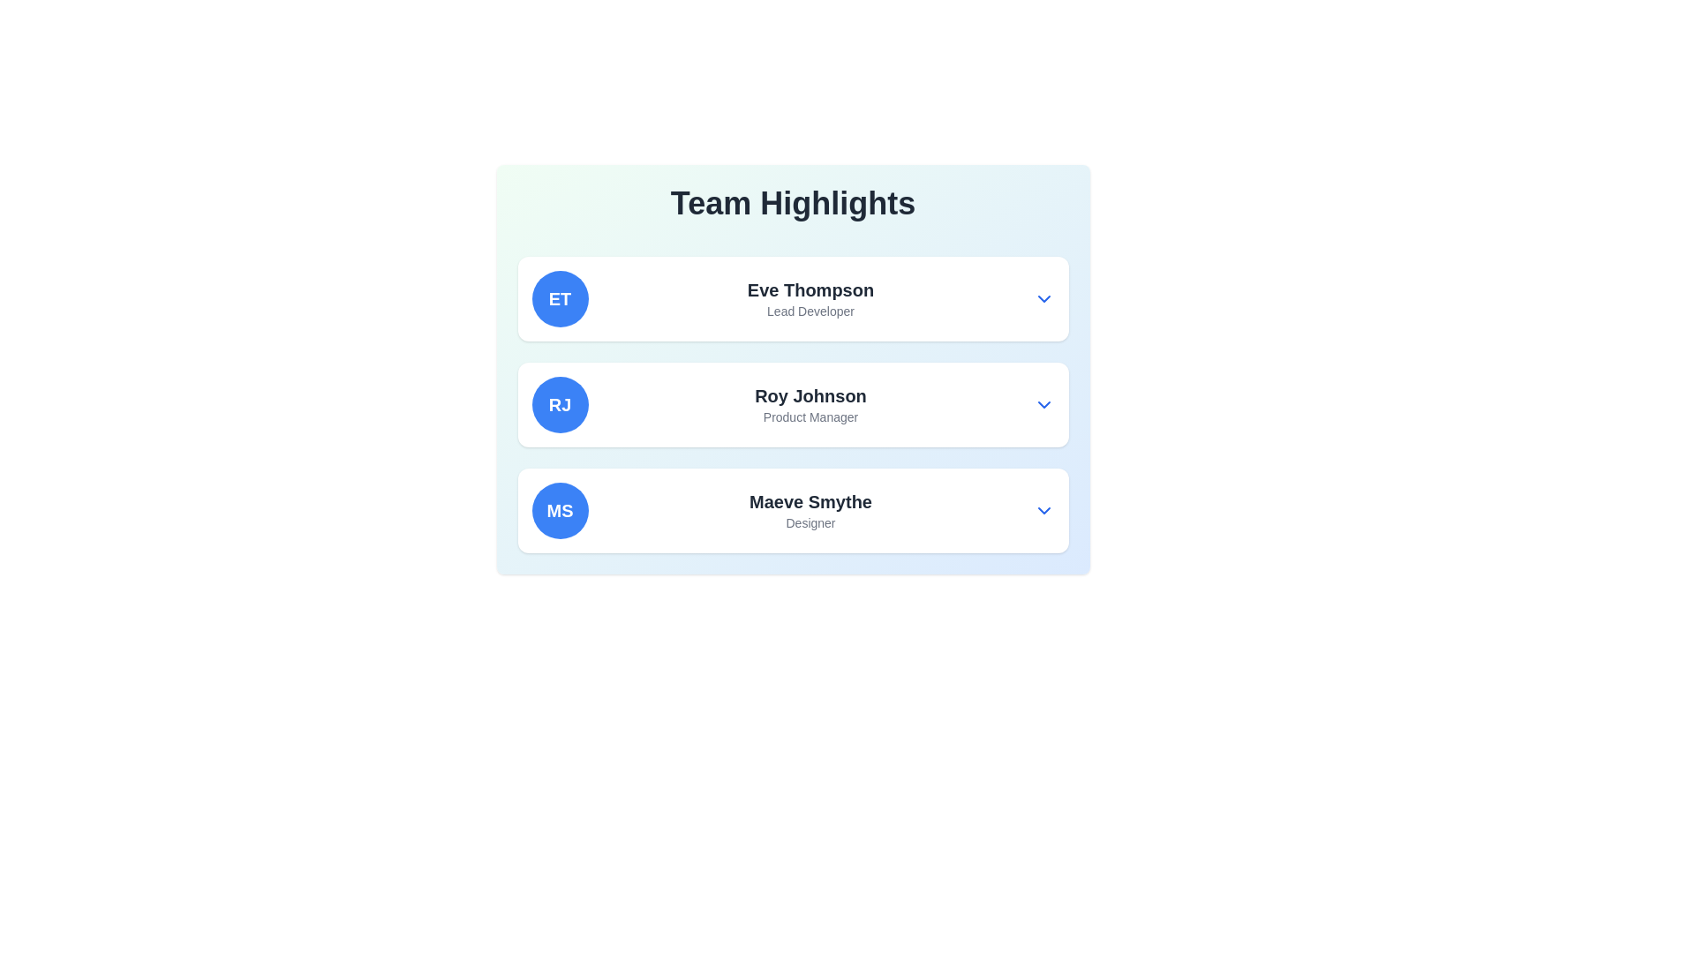 This screenshot has width=1695, height=953. Describe the element at coordinates (792, 405) in the screenshot. I see `the user profile card that summarizes key details about the individual, positioned centrally and is the second card in a vertically stacked list` at that location.